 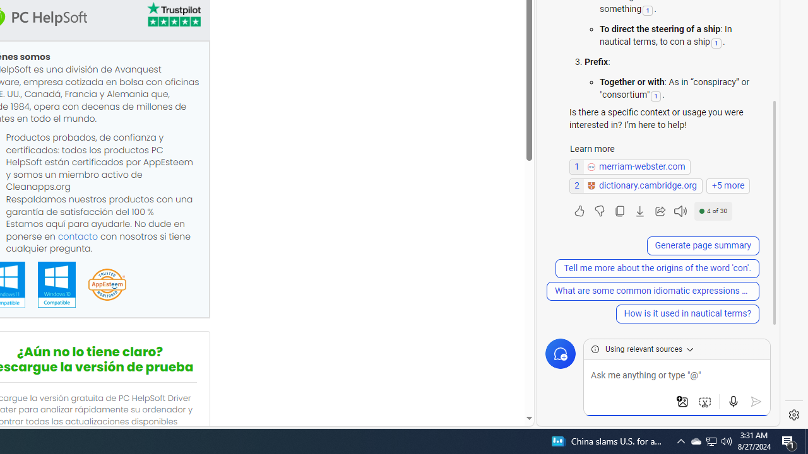 I want to click on 'Windows 10 Compatible', so click(x=56, y=284).